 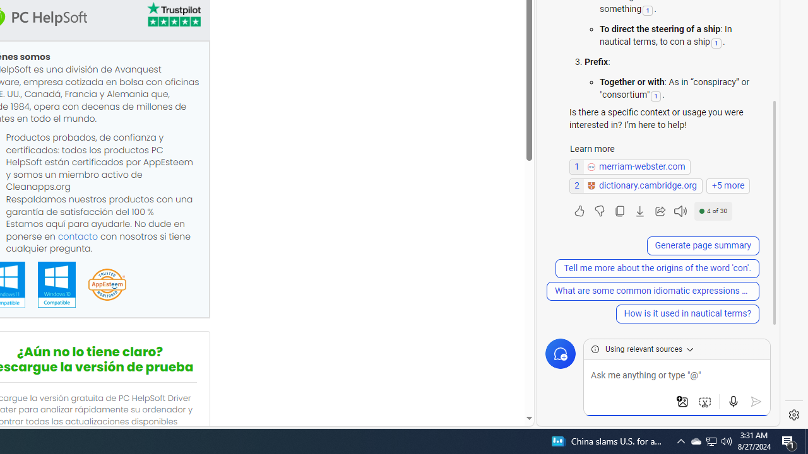 I want to click on 'Windows 10 Compatible', so click(x=56, y=284).